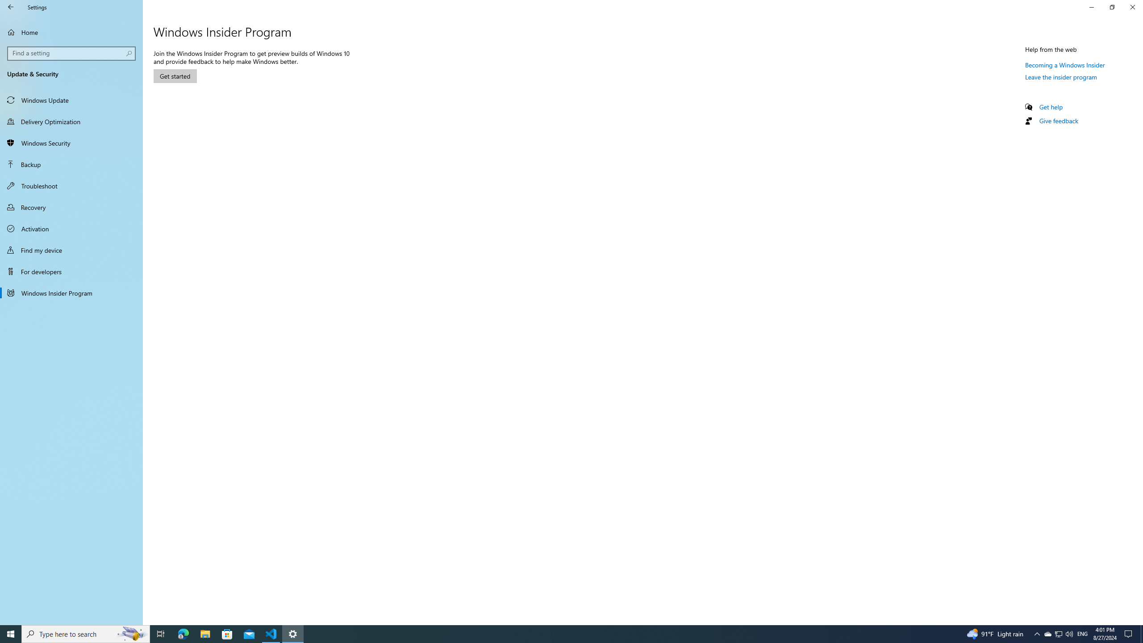  I want to click on 'Activation', so click(71, 228).